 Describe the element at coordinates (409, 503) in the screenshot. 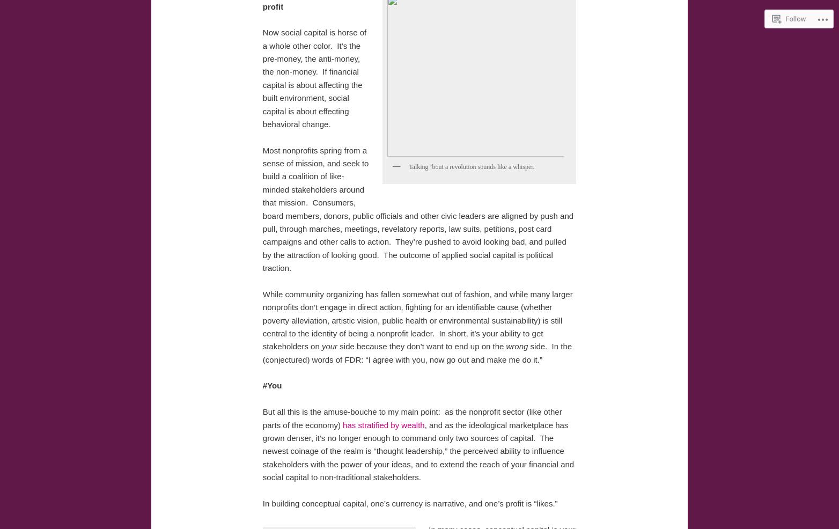

I see `'In building conceptual capital, one’s currency is narrative, and one’s profit is “likes.”'` at that location.